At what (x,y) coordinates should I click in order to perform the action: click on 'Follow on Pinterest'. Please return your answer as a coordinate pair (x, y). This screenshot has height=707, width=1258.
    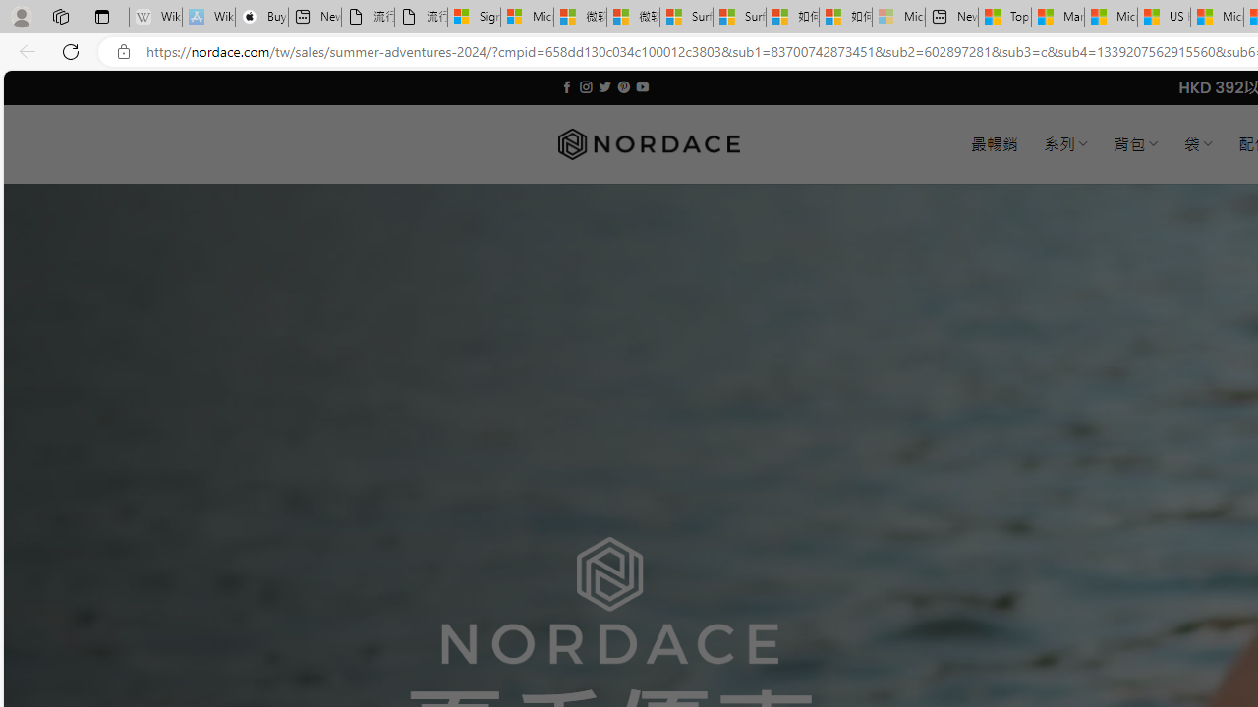
    Looking at the image, I should click on (622, 86).